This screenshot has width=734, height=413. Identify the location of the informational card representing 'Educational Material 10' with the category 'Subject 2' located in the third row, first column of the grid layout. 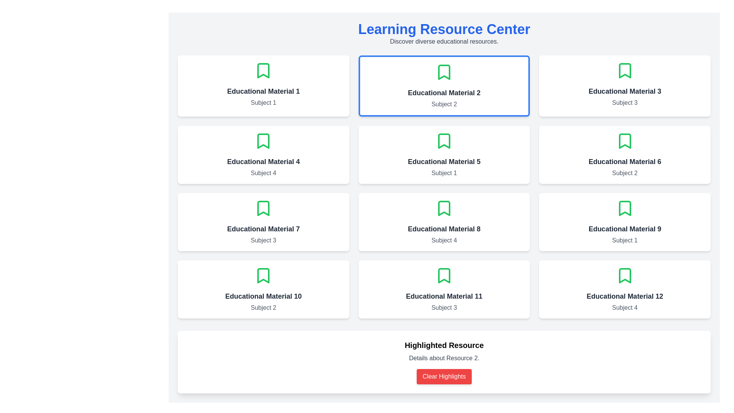
(263, 289).